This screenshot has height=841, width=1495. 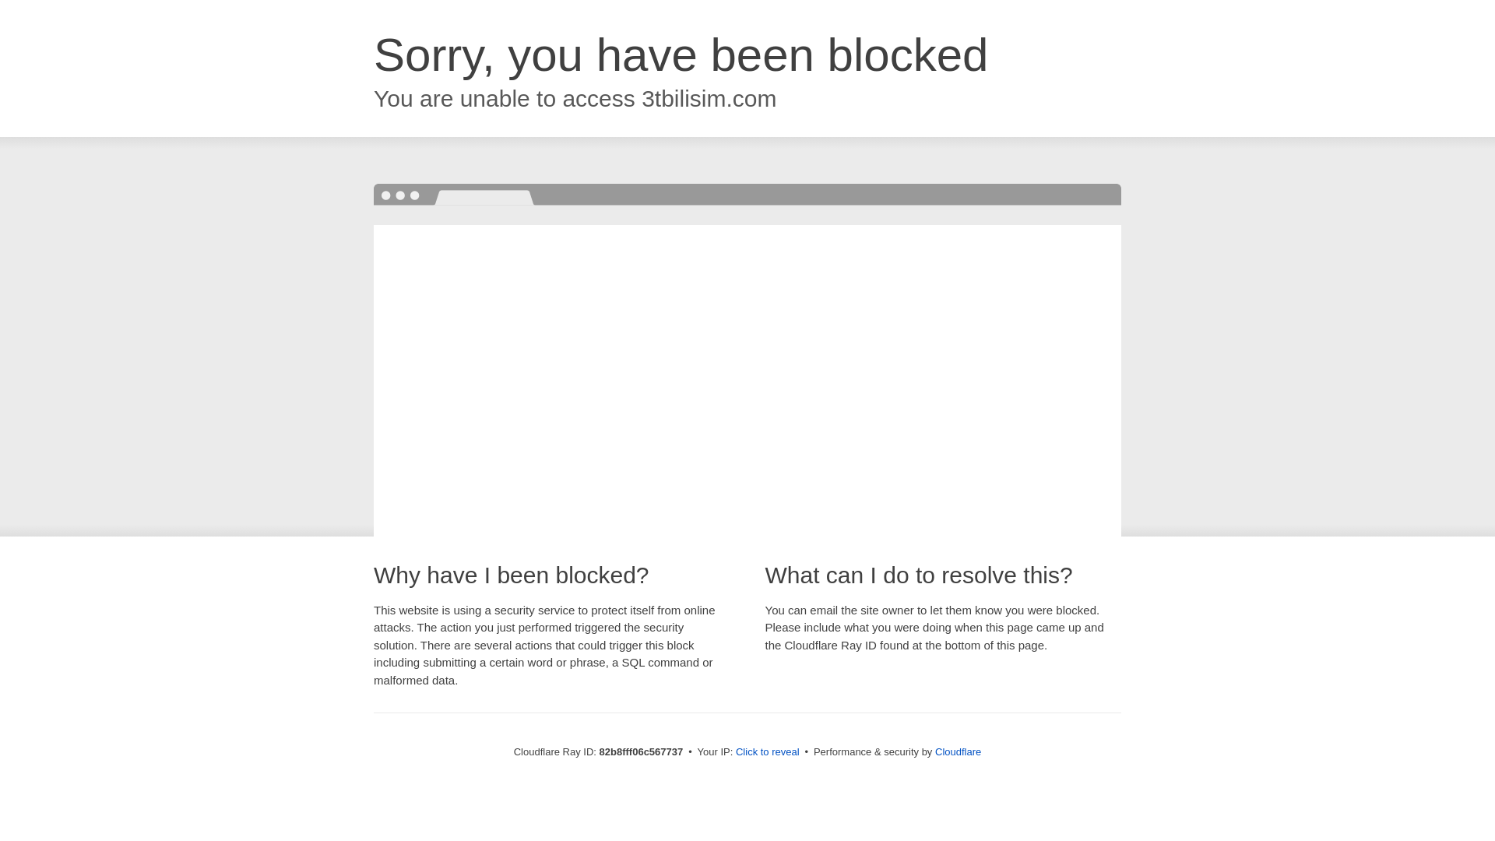 I want to click on 'Click to reveal', so click(x=767, y=751).